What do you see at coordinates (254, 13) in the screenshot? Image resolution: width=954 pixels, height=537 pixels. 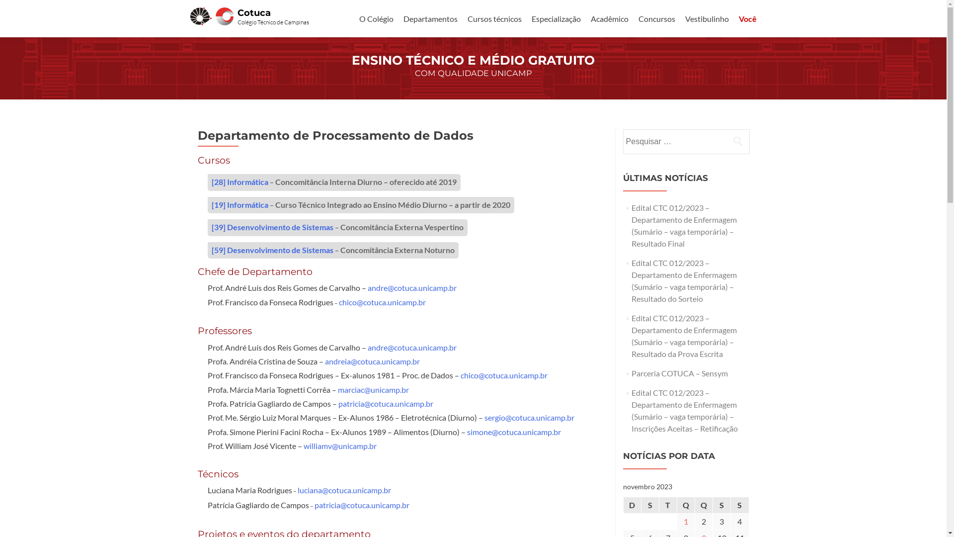 I see `'Cotuca'` at bounding box center [254, 13].